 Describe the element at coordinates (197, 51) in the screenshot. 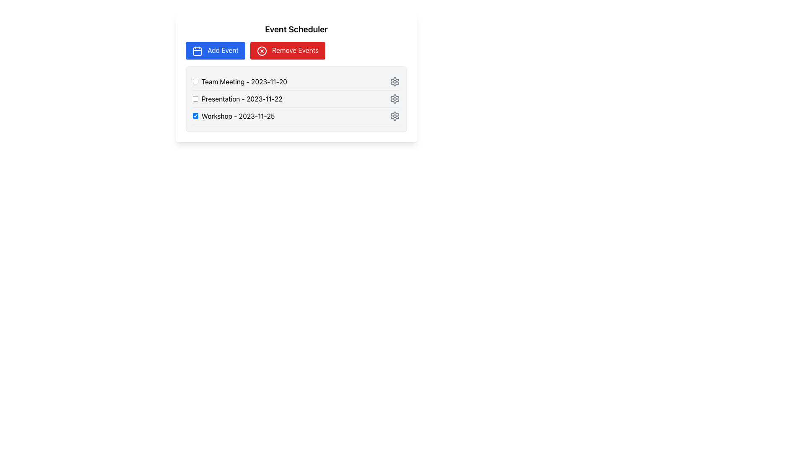

I see `the non-interactive inner component of the calendar icon located to the left of the 'Add Event' button` at that location.